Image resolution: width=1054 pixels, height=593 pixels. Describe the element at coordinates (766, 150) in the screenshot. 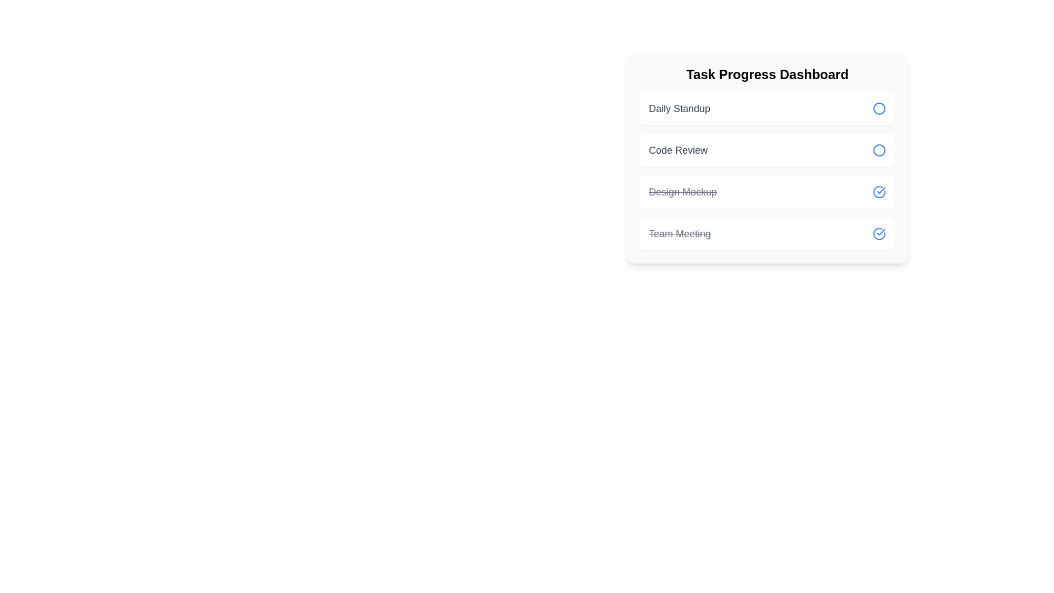

I see `the 'Code Review' task card located in the Task Progress Dashboard` at that location.